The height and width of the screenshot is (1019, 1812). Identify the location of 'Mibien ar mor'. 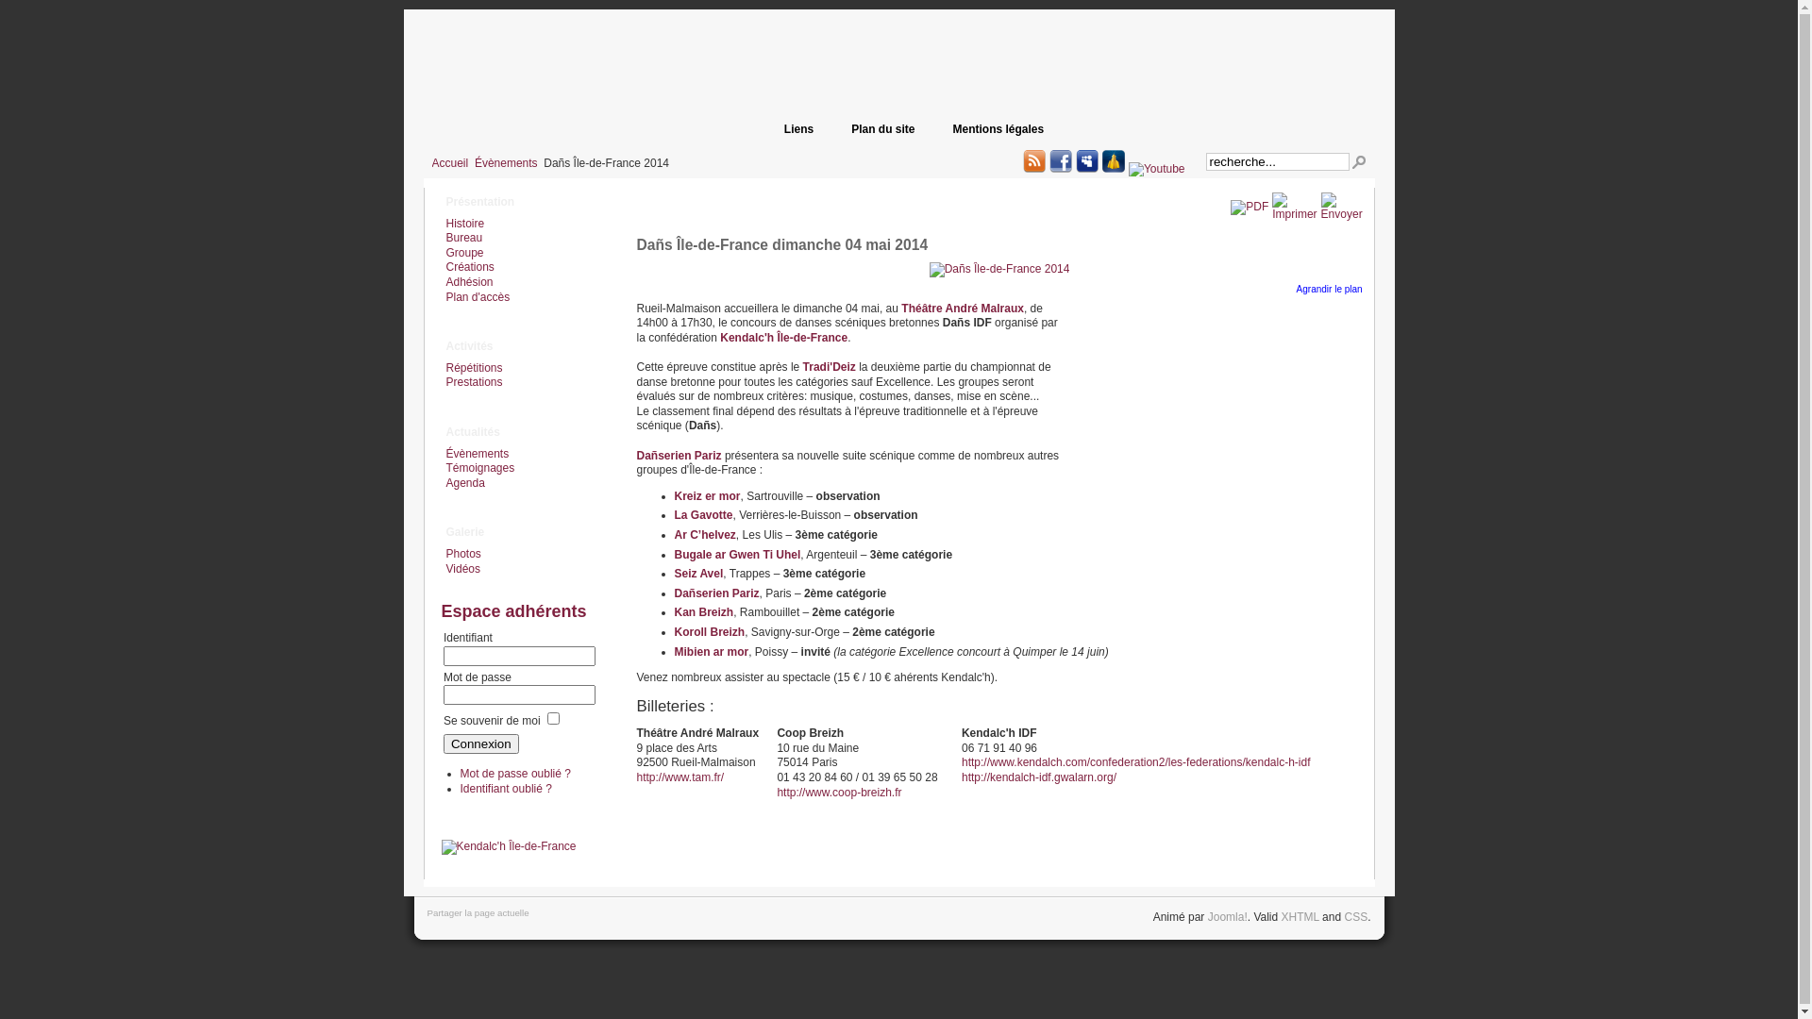
(710, 650).